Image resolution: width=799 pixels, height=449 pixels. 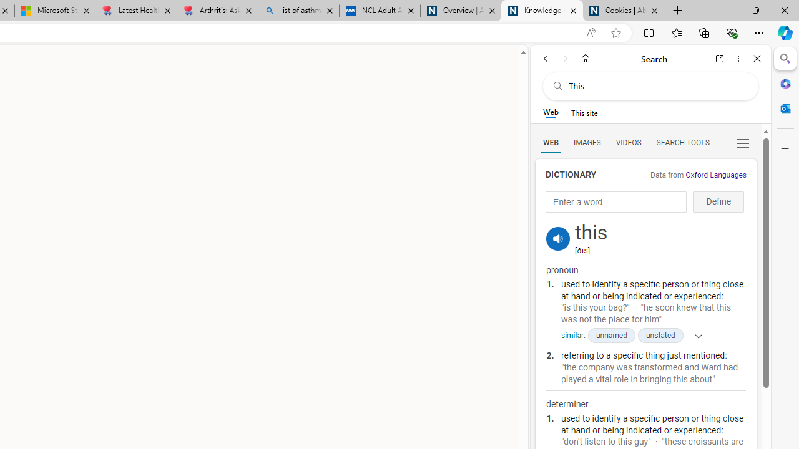 I want to click on 'list of asthma inhalers uk - Search', so click(x=298, y=11).